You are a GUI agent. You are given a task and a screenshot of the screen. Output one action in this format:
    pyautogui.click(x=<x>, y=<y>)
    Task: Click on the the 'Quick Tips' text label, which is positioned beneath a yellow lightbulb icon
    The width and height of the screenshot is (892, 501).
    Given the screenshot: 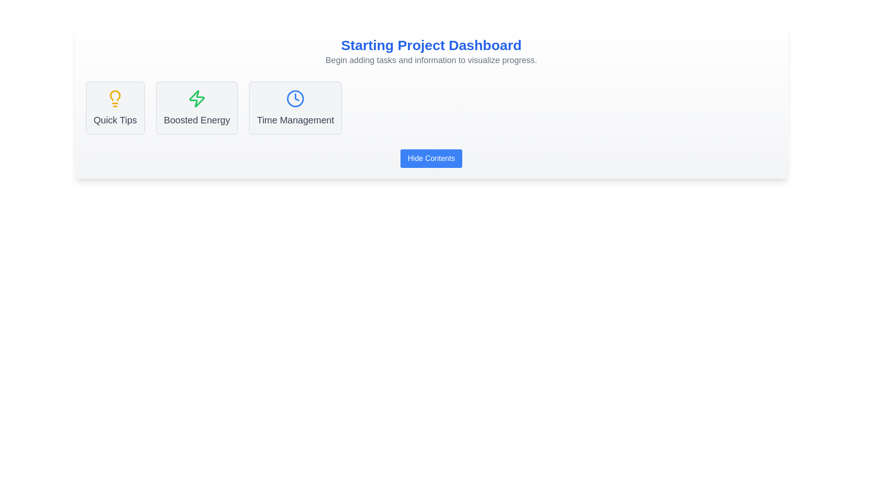 What is the action you would take?
    pyautogui.click(x=115, y=119)
    